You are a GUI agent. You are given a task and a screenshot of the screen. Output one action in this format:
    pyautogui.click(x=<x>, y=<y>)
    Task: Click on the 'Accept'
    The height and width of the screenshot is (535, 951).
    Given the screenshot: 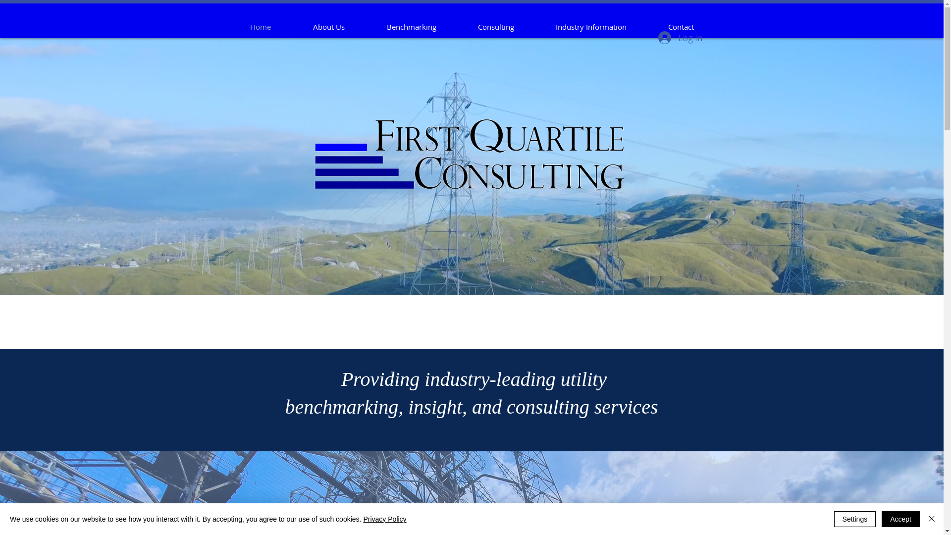 What is the action you would take?
    pyautogui.click(x=900, y=519)
    